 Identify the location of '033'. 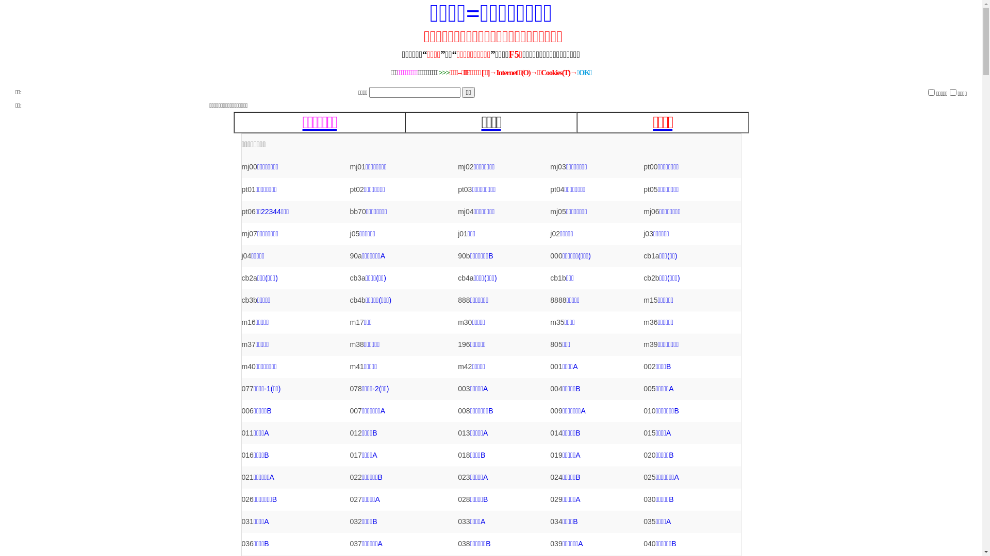
(463, 522).